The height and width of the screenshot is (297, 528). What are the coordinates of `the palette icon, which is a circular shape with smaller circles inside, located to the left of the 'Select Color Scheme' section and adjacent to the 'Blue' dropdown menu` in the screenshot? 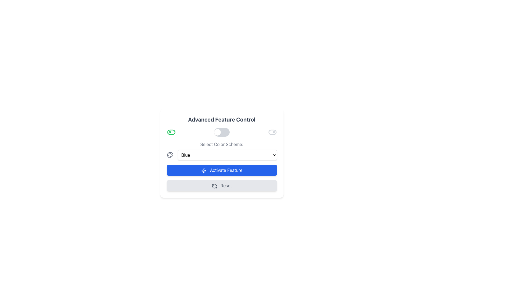 It's located at (170, 155).